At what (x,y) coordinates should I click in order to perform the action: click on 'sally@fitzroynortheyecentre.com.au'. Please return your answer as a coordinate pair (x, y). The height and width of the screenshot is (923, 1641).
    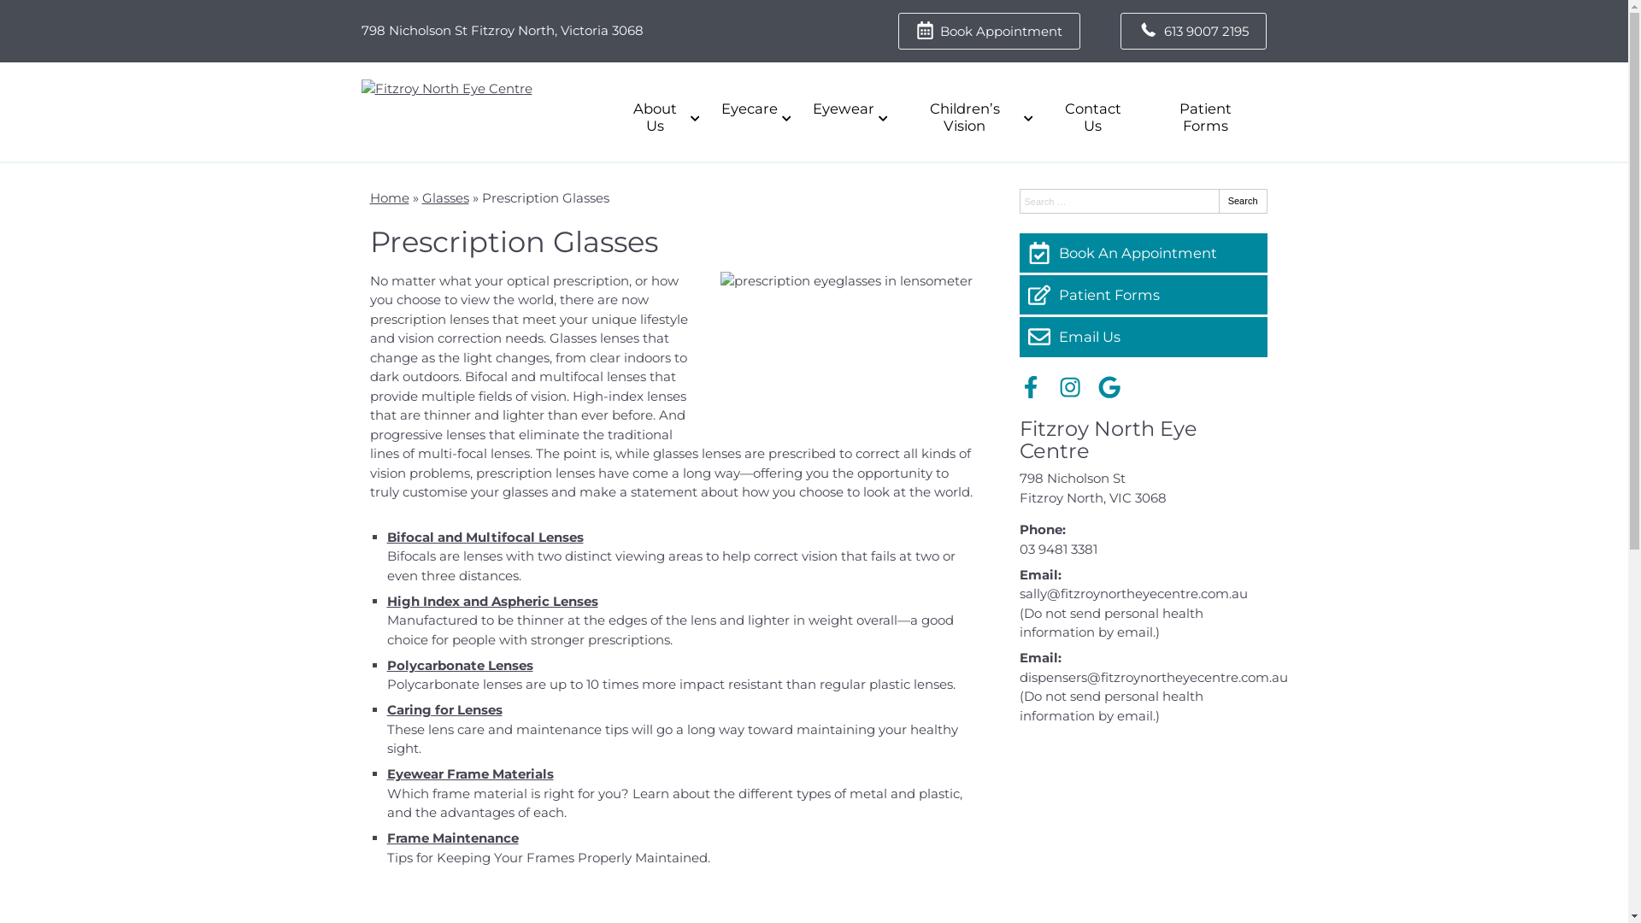
    Looking at the image, I should click on (1132, 592).